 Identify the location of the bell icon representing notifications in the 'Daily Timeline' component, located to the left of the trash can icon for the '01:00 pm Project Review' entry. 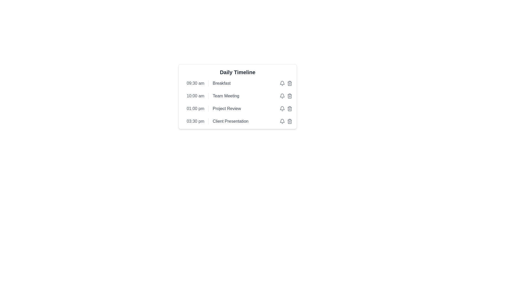
(282, 108).